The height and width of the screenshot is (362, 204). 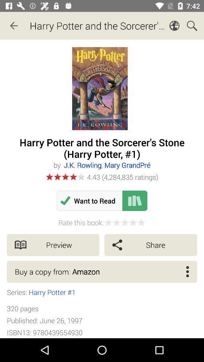 What do you see at coordinates (151, 244) in the screenshot?
I see `icon above the buy a copy` at bounding box center [151, 244].